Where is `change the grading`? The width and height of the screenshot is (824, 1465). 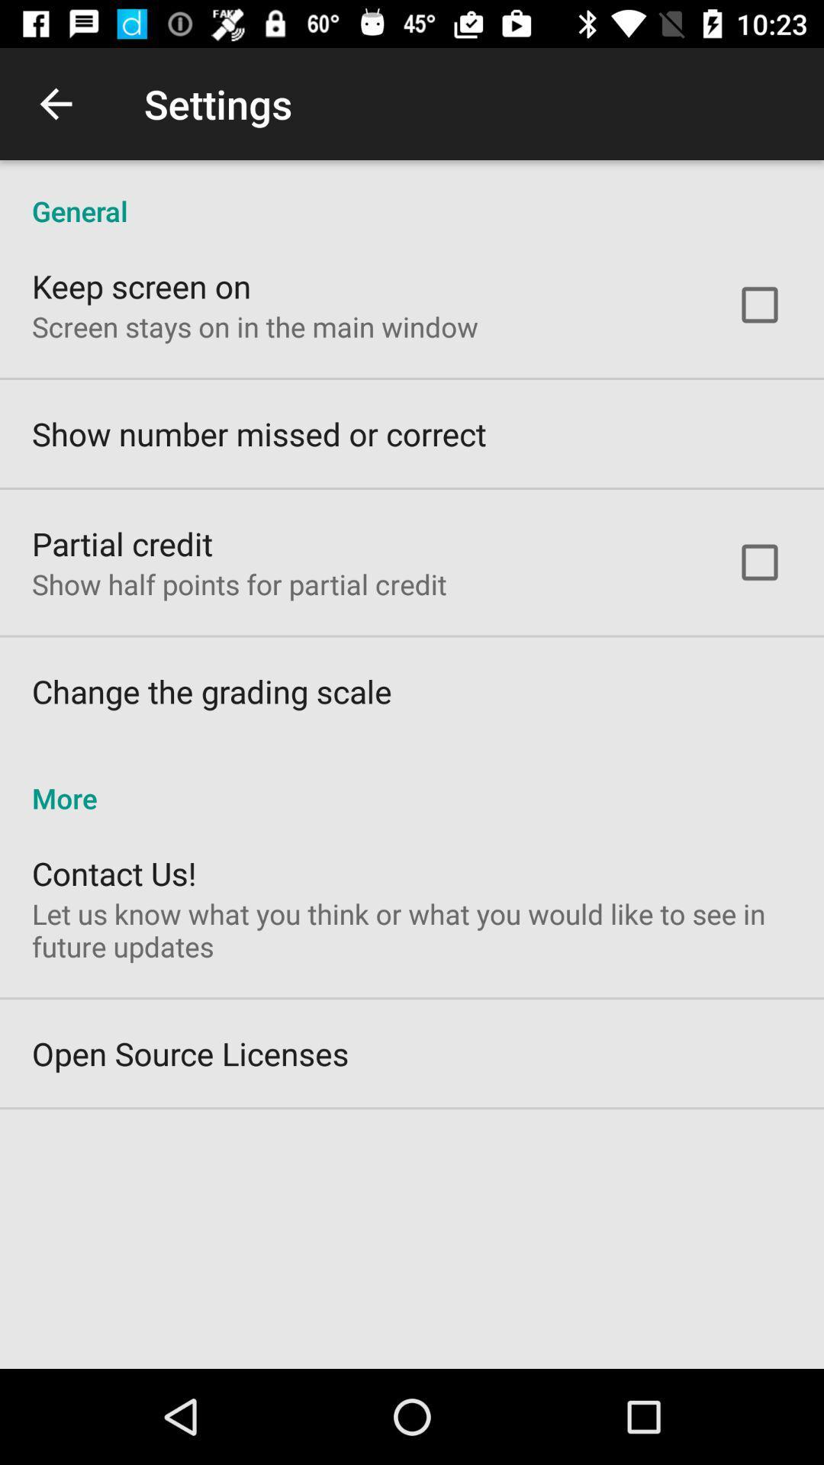
change the grading is located at coordinates (211, 691).